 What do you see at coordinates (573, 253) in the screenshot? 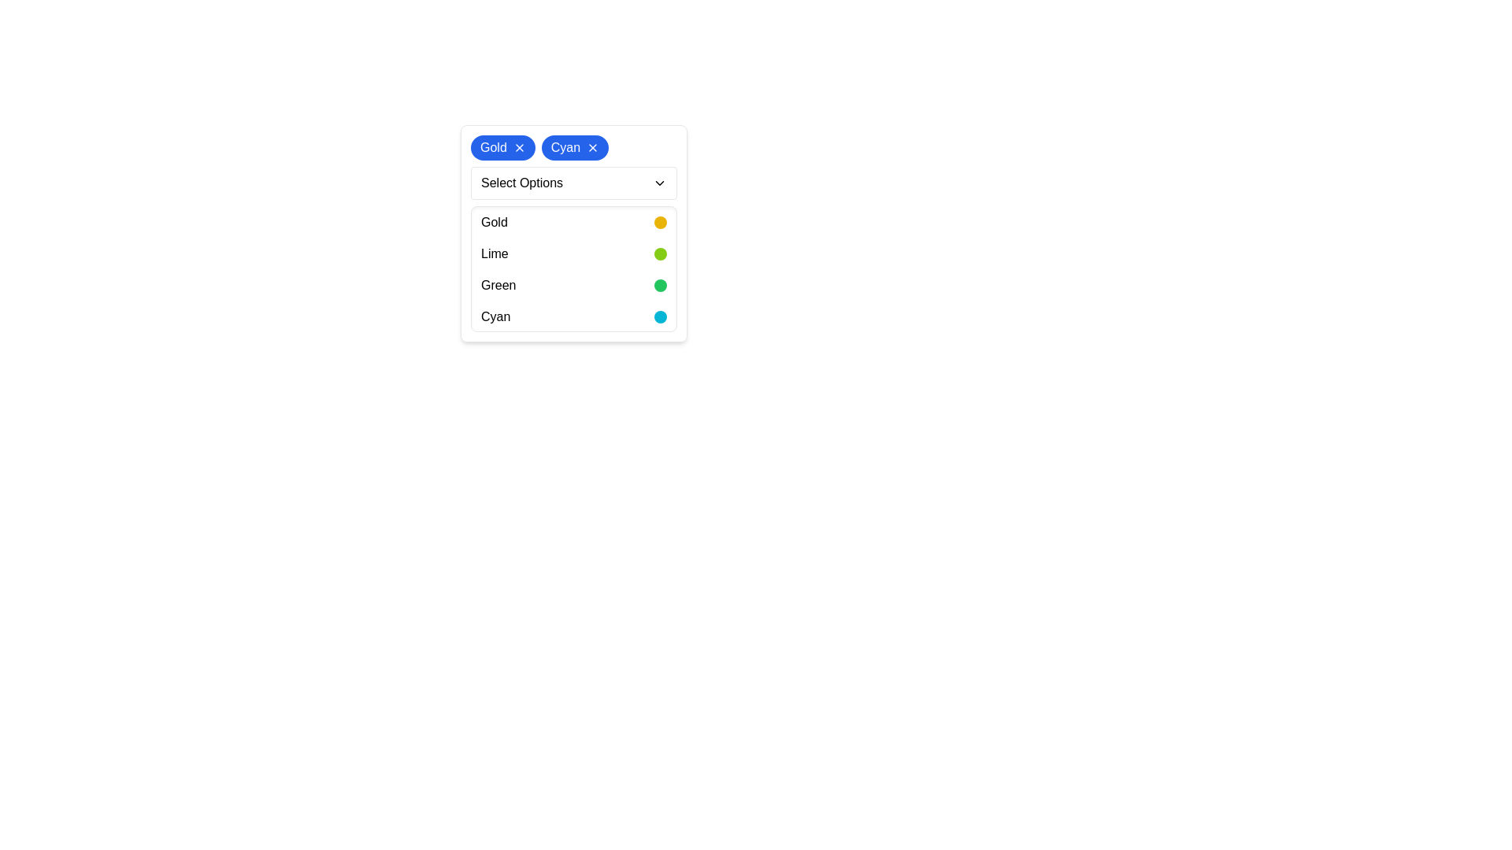
I see `the list item labeled 'Lime', which is the second option` at bounding box center [573, 253].